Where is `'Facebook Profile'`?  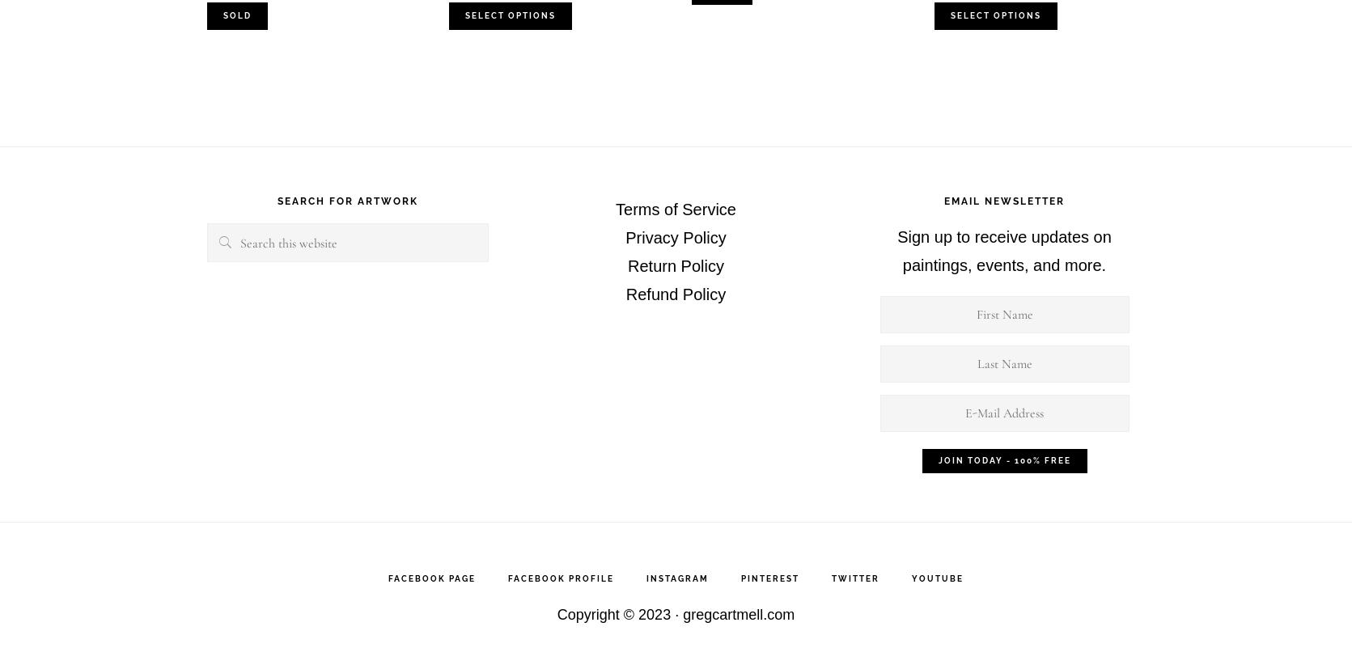
'Facebook Profile' is located at coordinates (560, 578).